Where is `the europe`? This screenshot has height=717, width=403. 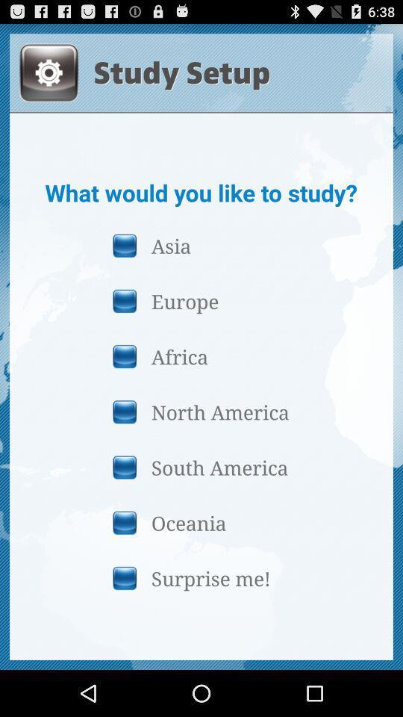 the europe is located at coordinates (201, 300).